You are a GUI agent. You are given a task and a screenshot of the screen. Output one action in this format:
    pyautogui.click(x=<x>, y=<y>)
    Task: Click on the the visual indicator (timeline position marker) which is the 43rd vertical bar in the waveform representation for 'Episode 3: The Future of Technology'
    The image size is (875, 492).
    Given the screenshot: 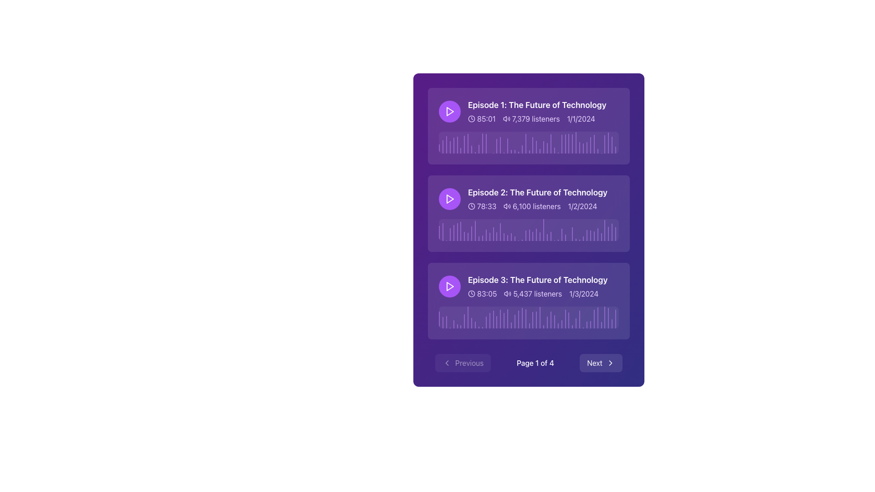 What is the action you would take?
    pyautogui.click(x=590, y=324)
    